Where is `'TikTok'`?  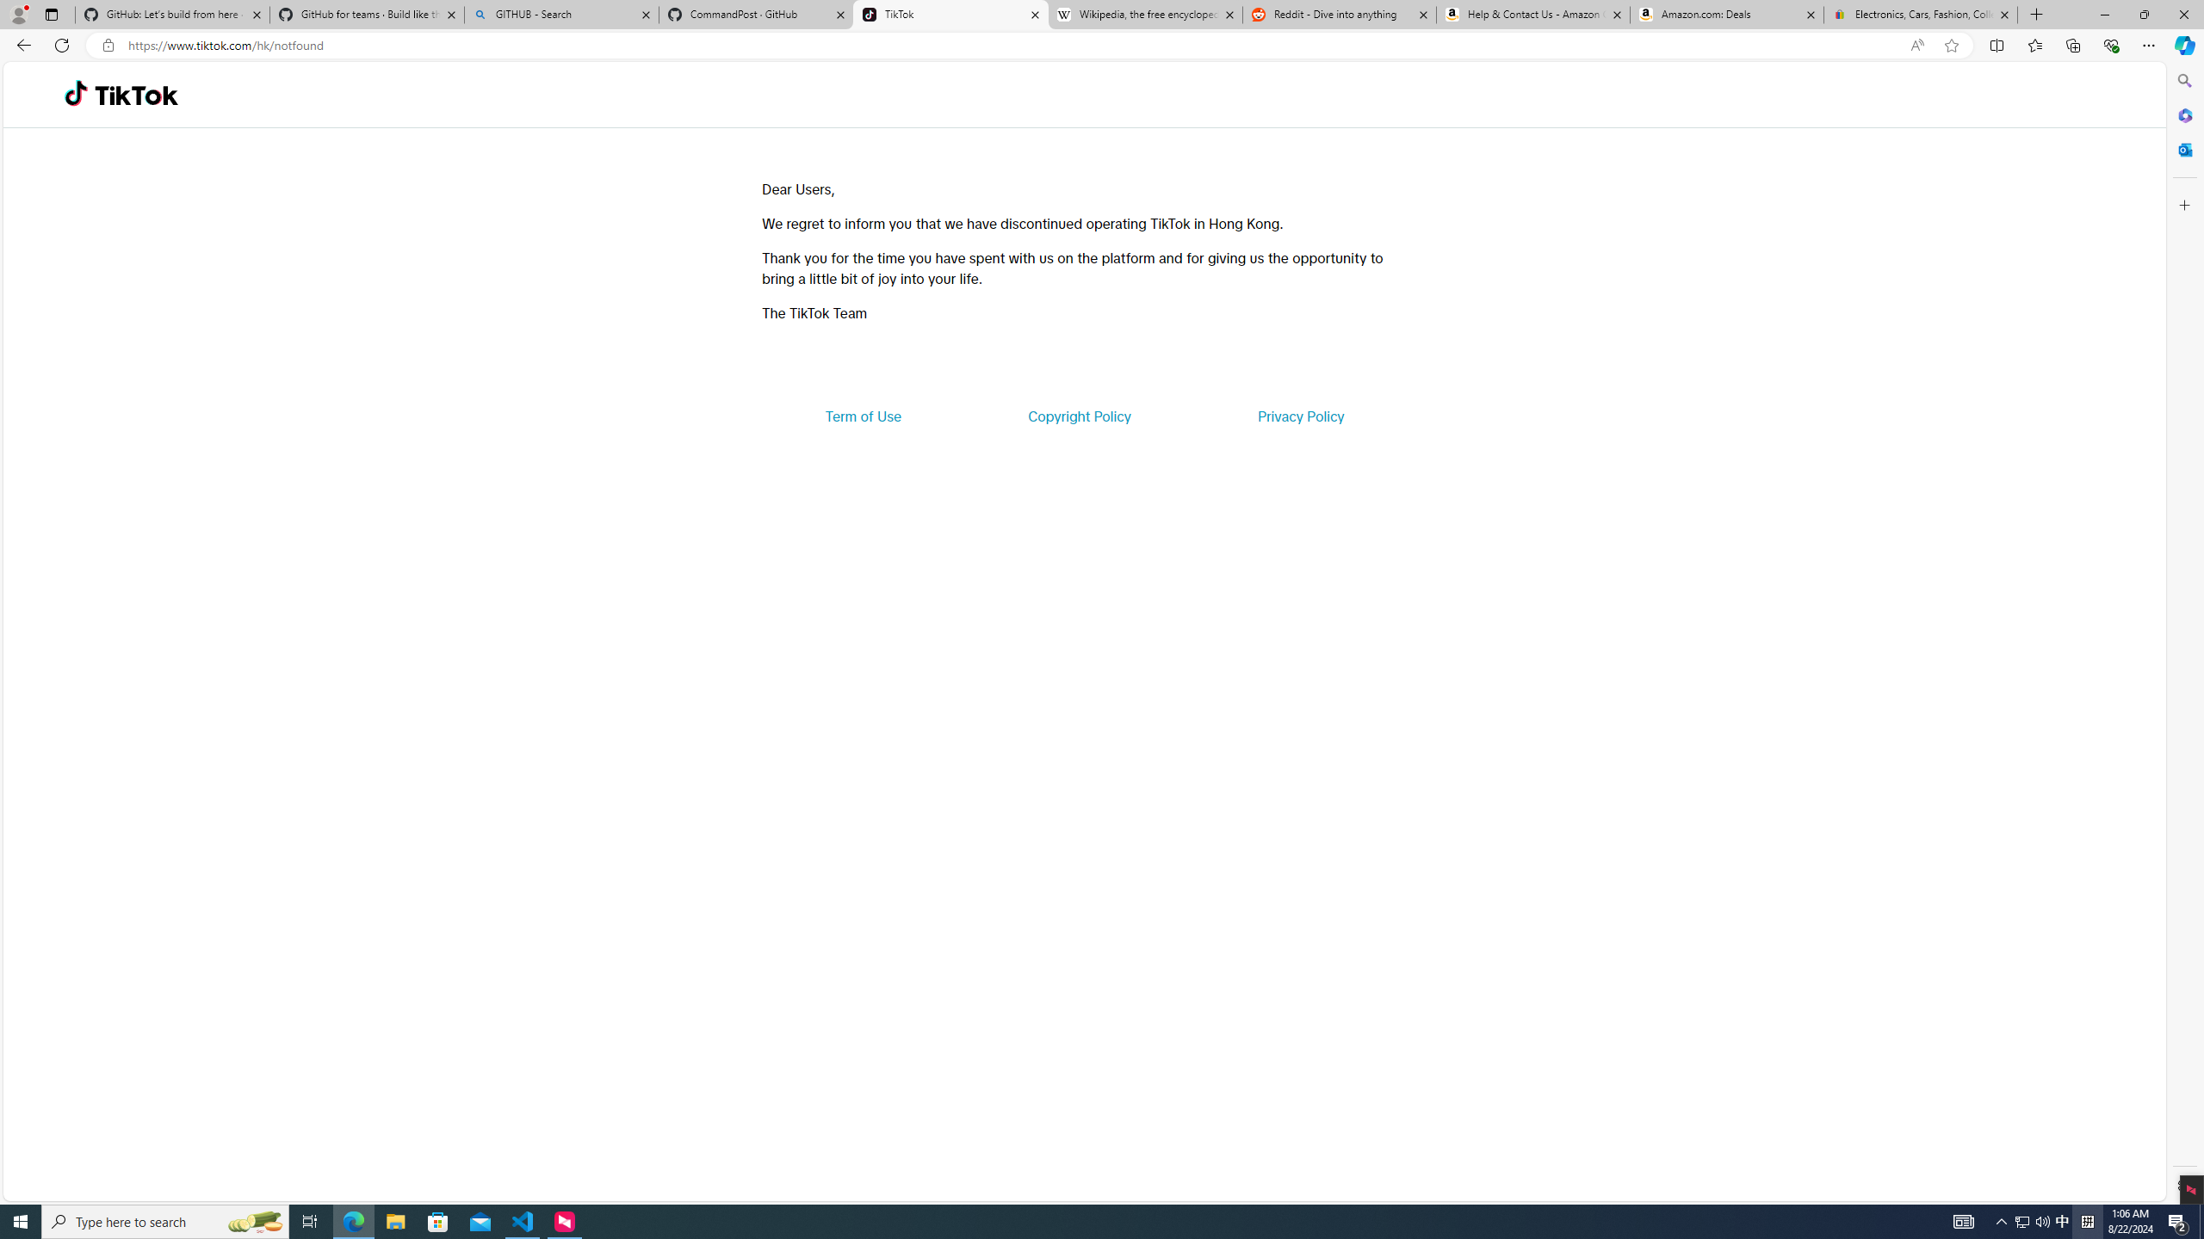
'TikTok' is located at coordinates (136, 95).